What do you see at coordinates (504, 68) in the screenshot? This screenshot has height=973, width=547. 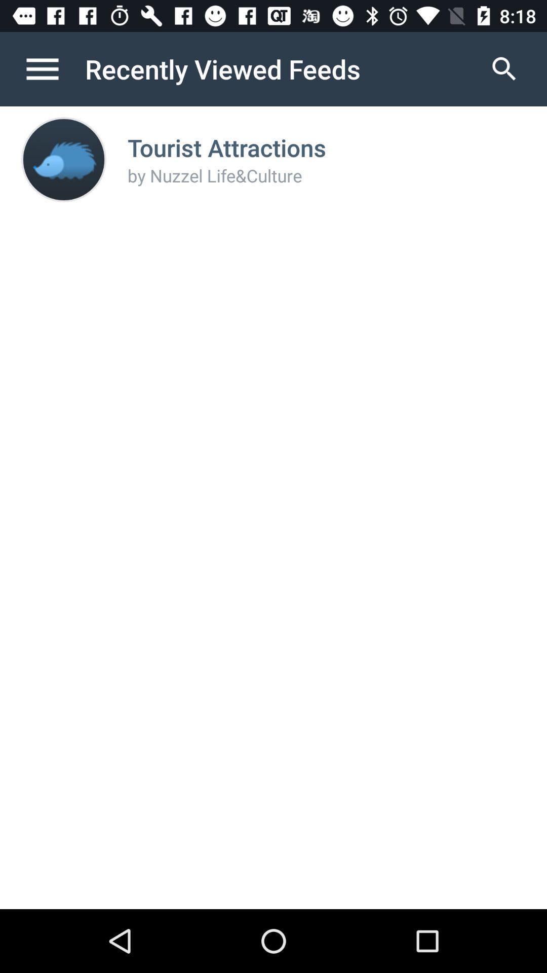 I see `the icon next to recently viewed feeds` at bounding box center [504, 68].